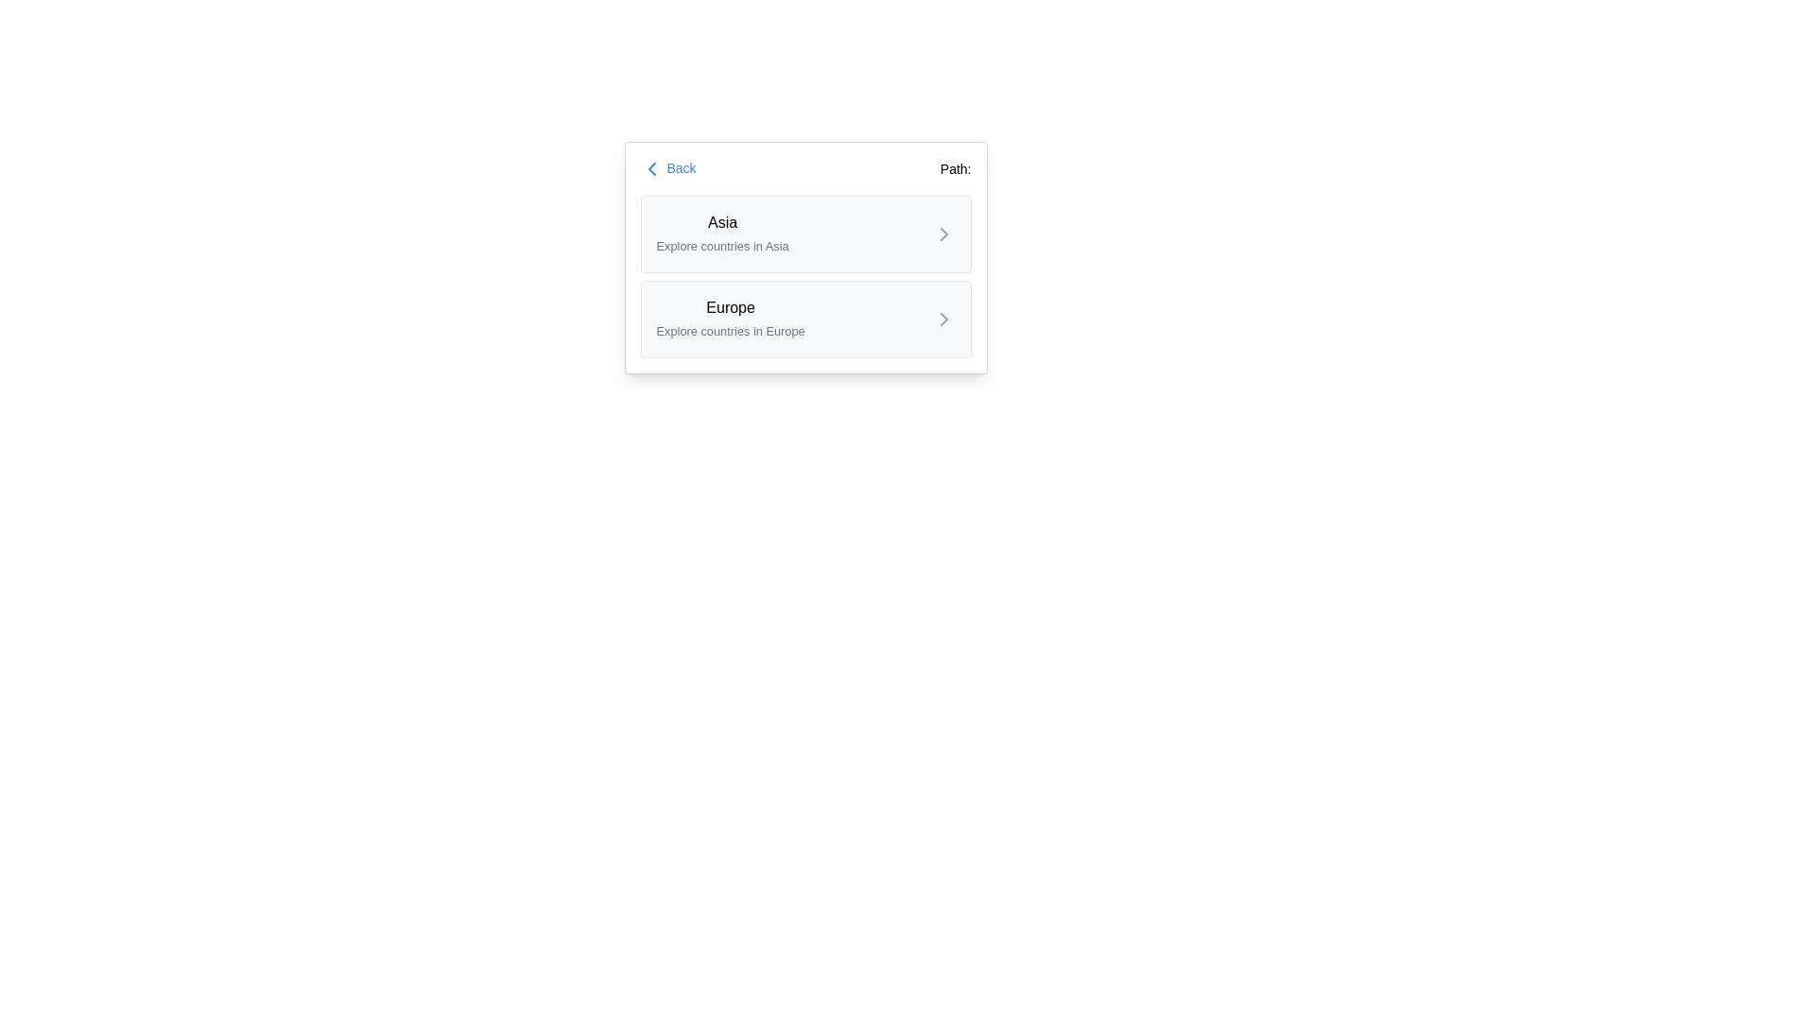  What do you see at coordinates (943, 319) in the screenshot?
I see `the rightward-pointing chevron icon, which is styled with a thin, rounded stroke and gray color, located at the far right side of the 'Europe' menu option` at bounding box center [943, 319].